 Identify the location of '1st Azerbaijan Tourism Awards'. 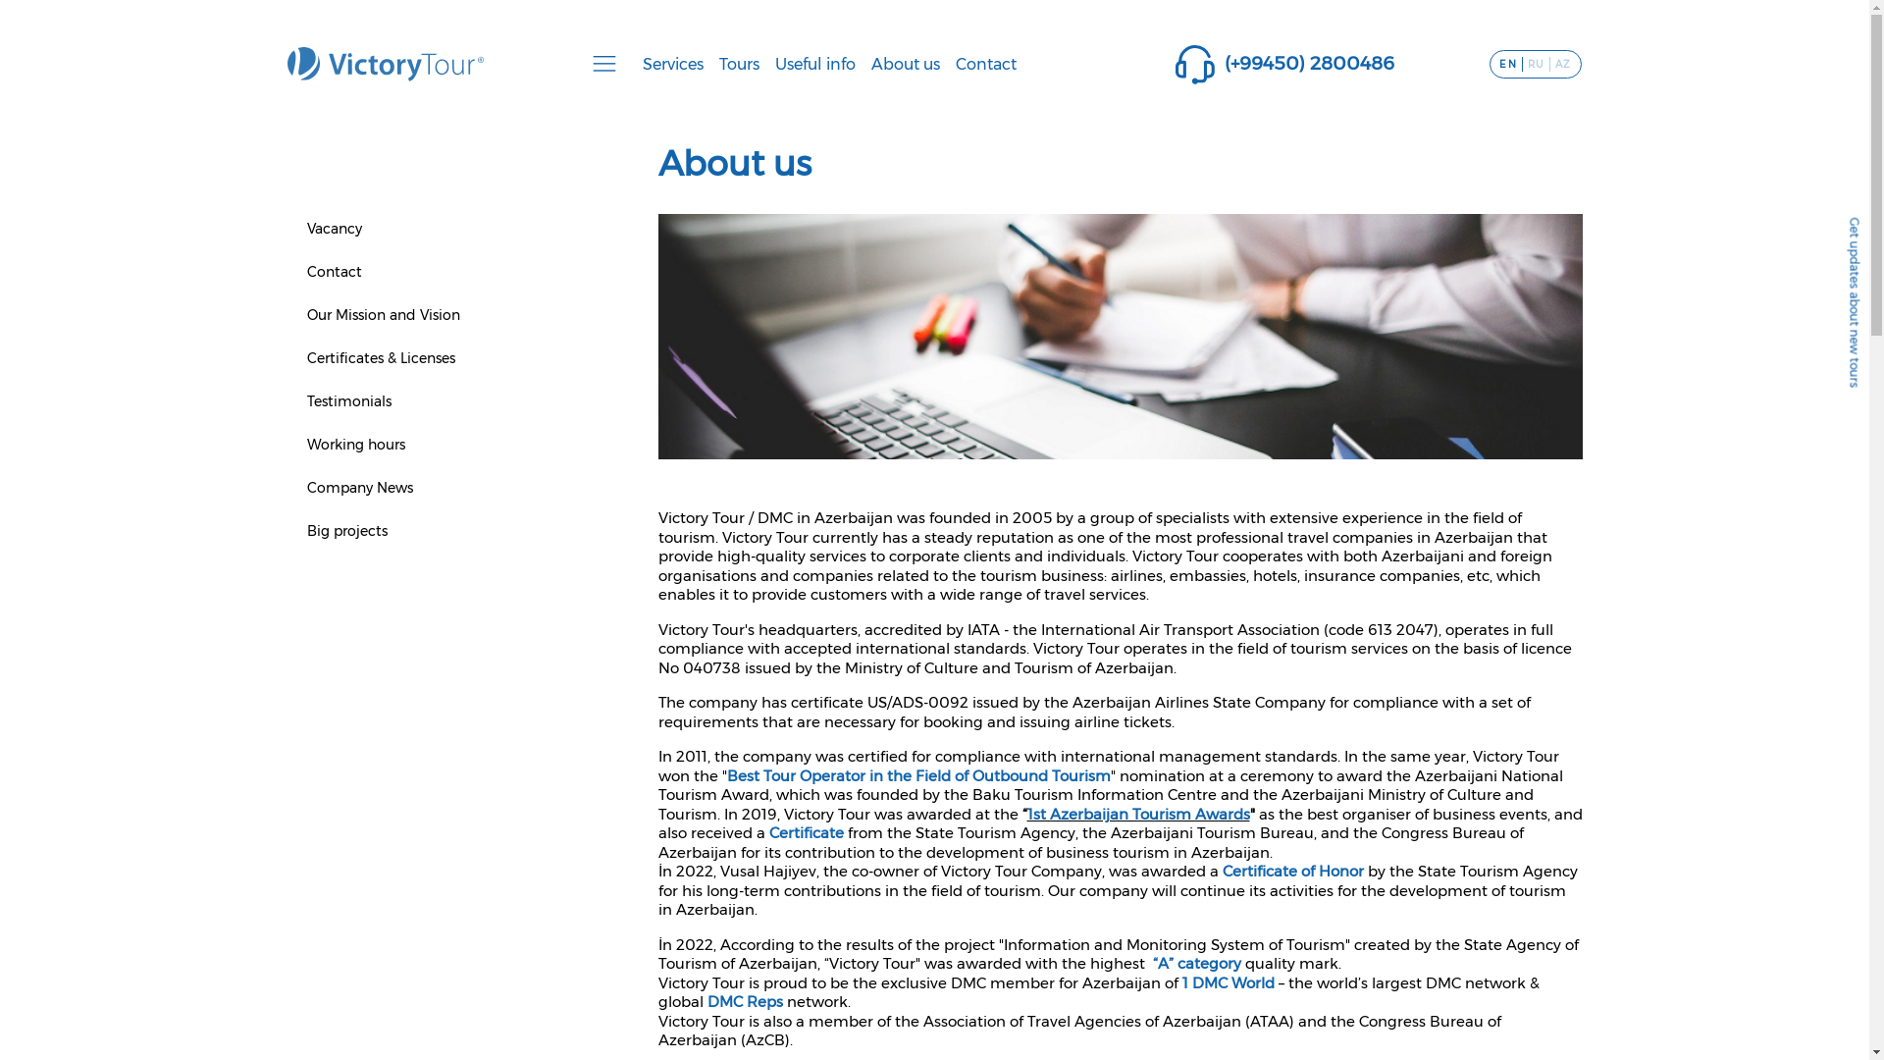
(1025, 814).